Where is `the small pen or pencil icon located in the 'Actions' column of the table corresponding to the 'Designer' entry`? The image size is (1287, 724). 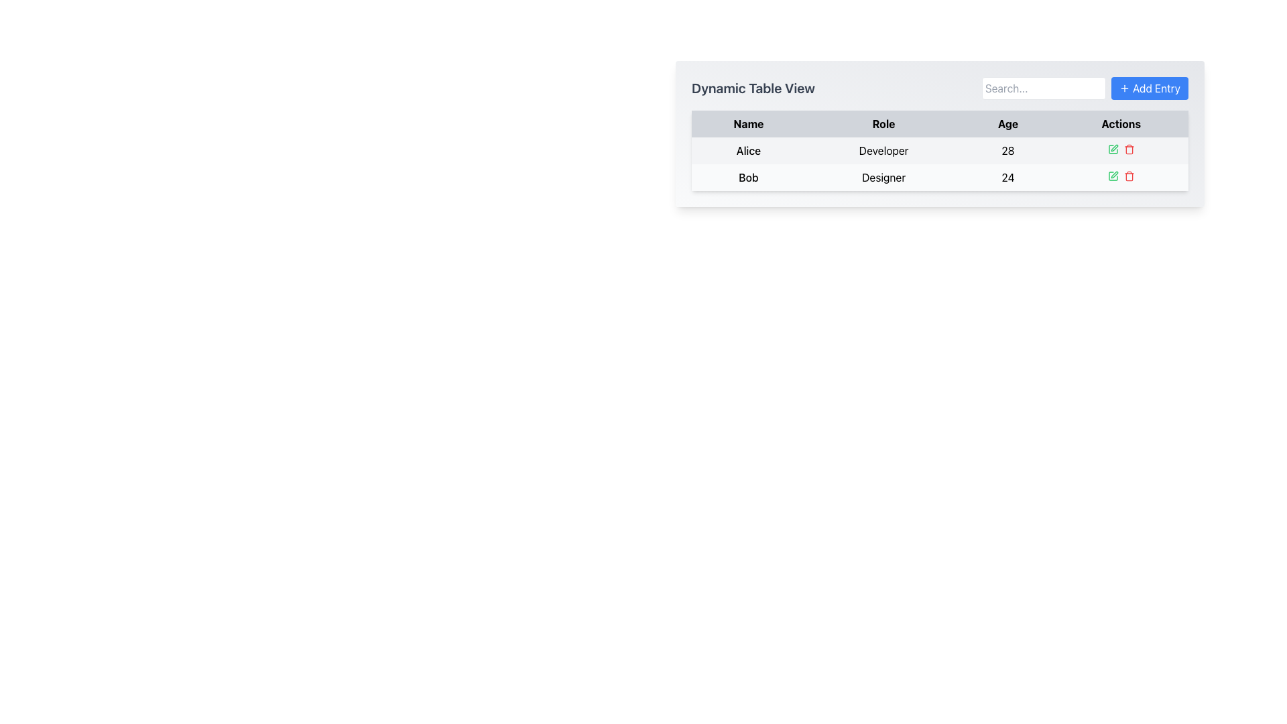 the small pen or pencil icon located in the 'Actions' column of the table corresponding to the 'Designer' entry is located at coordinates (1114, 147).